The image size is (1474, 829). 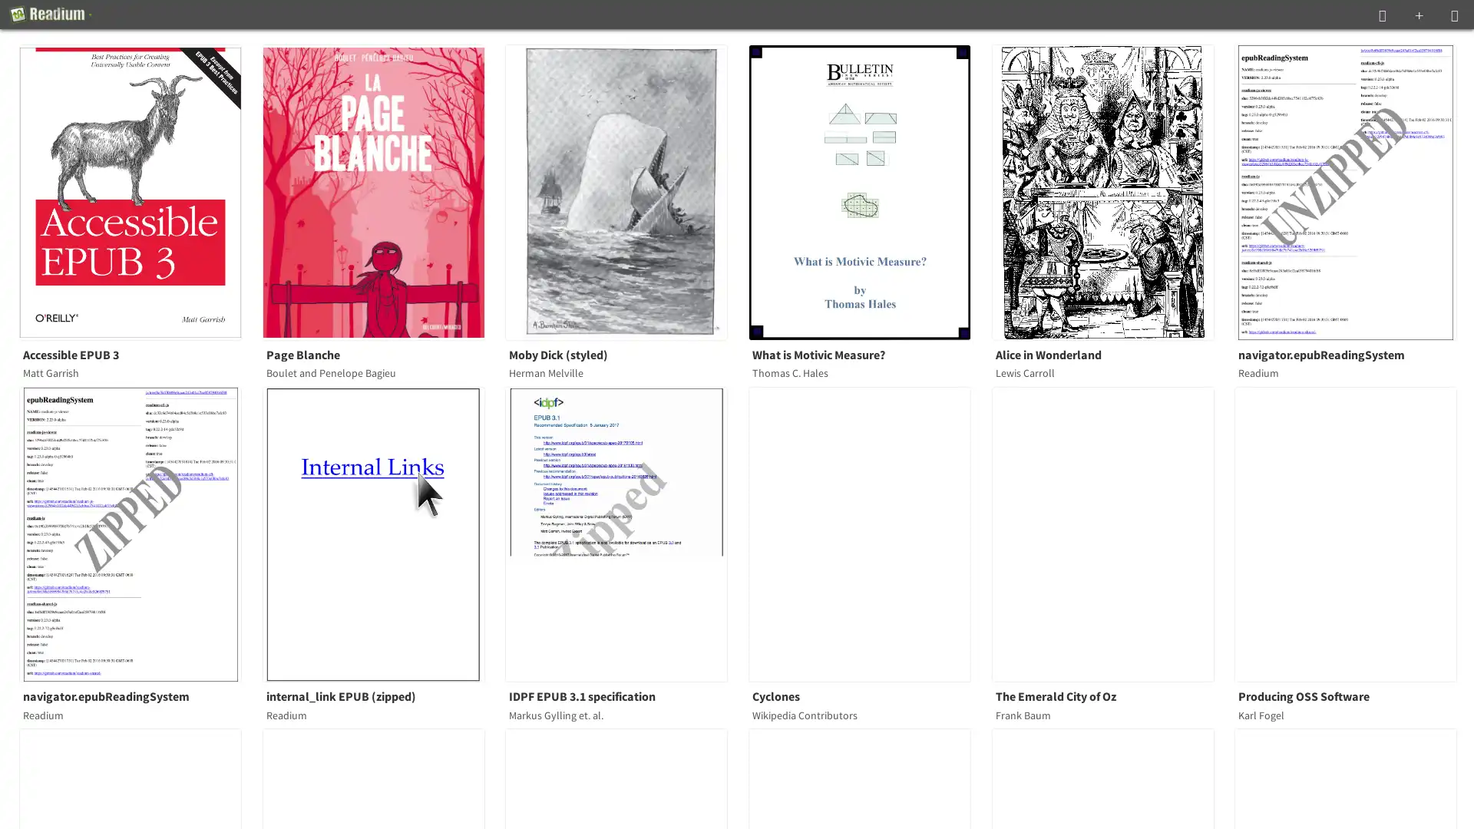 What do you see at coordinates (140, 191) in the screenshot?
I see `(1) Accessible EPUB 3` at bounding box center [140, 191].